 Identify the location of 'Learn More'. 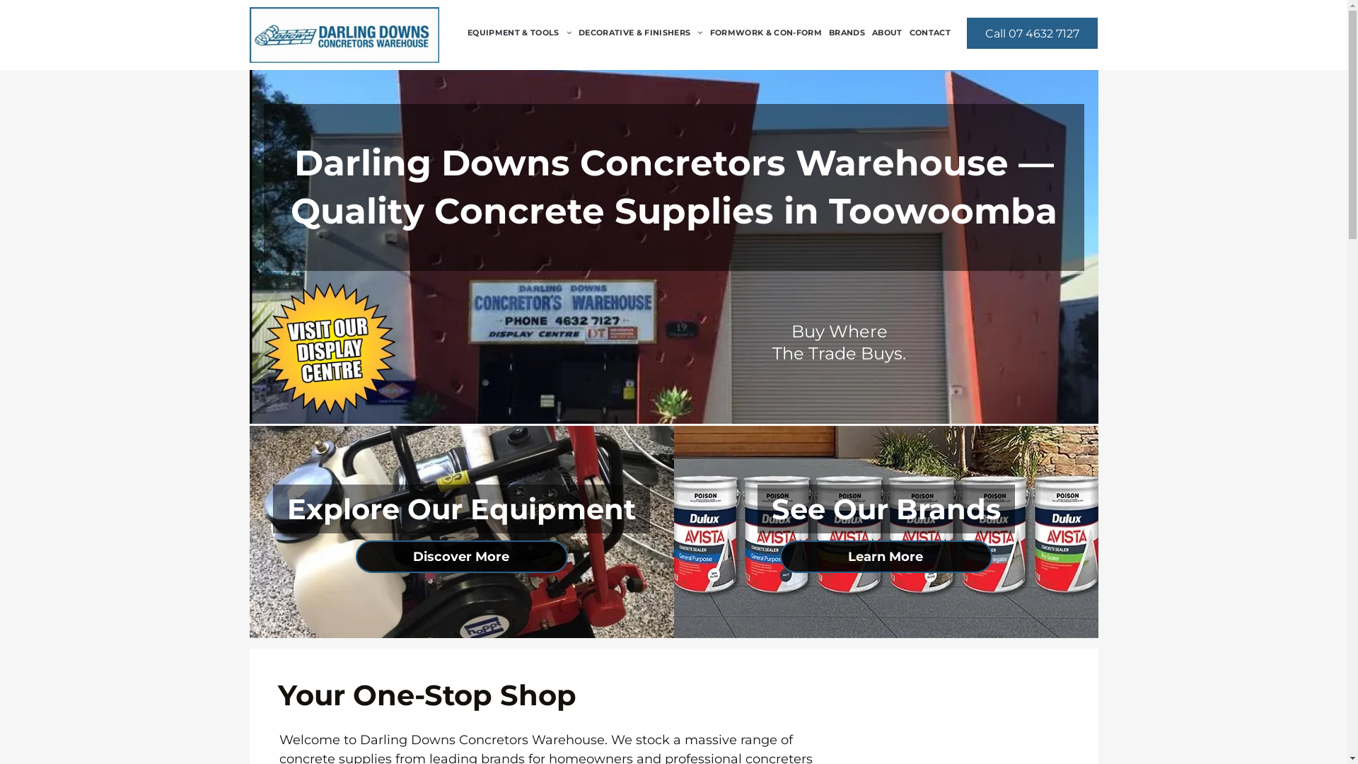
(885, 555).